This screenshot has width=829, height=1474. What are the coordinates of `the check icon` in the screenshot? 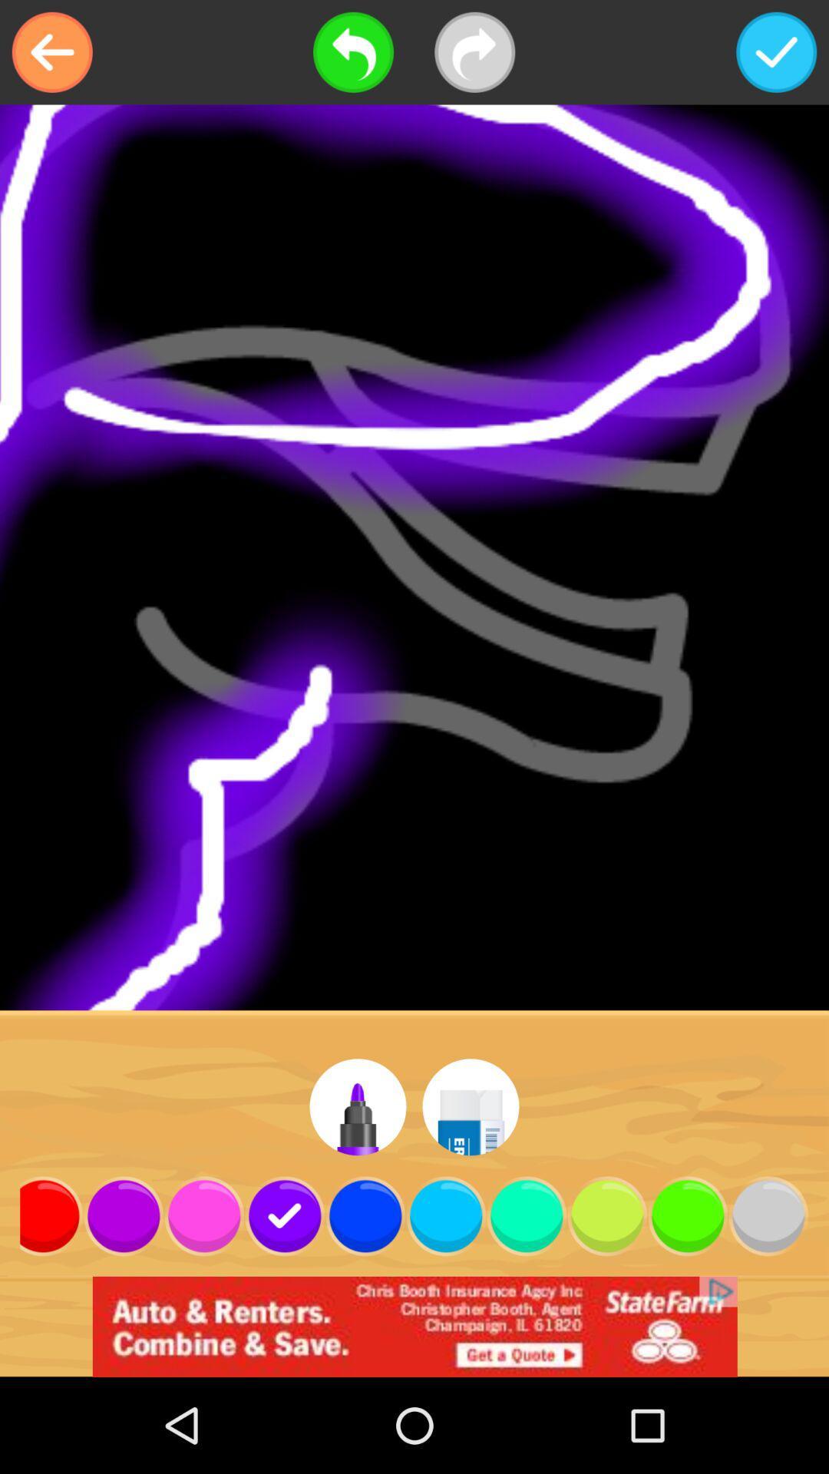 It's located at (776, 52).